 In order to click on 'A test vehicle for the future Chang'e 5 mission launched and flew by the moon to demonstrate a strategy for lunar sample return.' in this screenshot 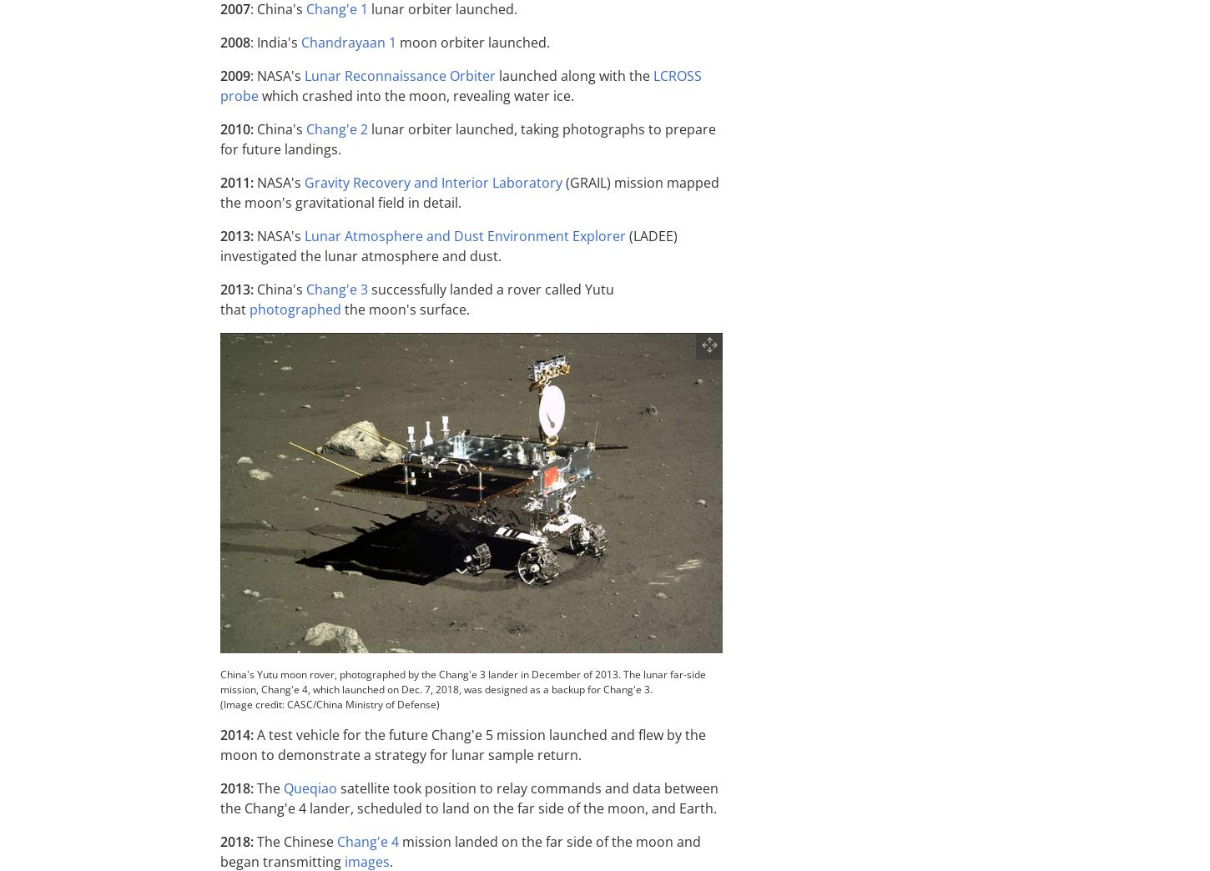, I will do `click(463, 745)`.